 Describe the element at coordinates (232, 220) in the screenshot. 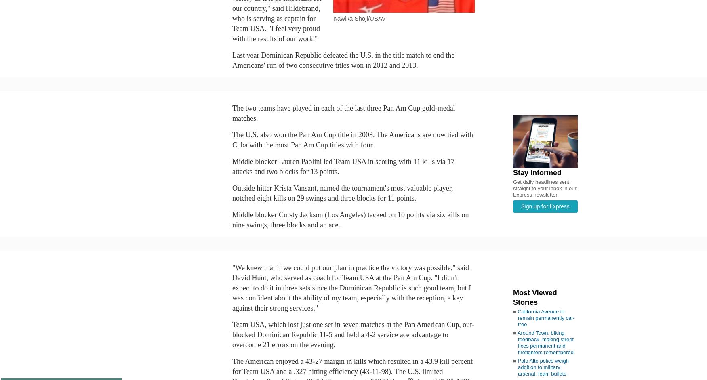

I see `'Middle blocker Cursty Jackson (Los Angeles) tacked on 10 points via six kills on nine swings, three blocks and an ace.'` at that location.